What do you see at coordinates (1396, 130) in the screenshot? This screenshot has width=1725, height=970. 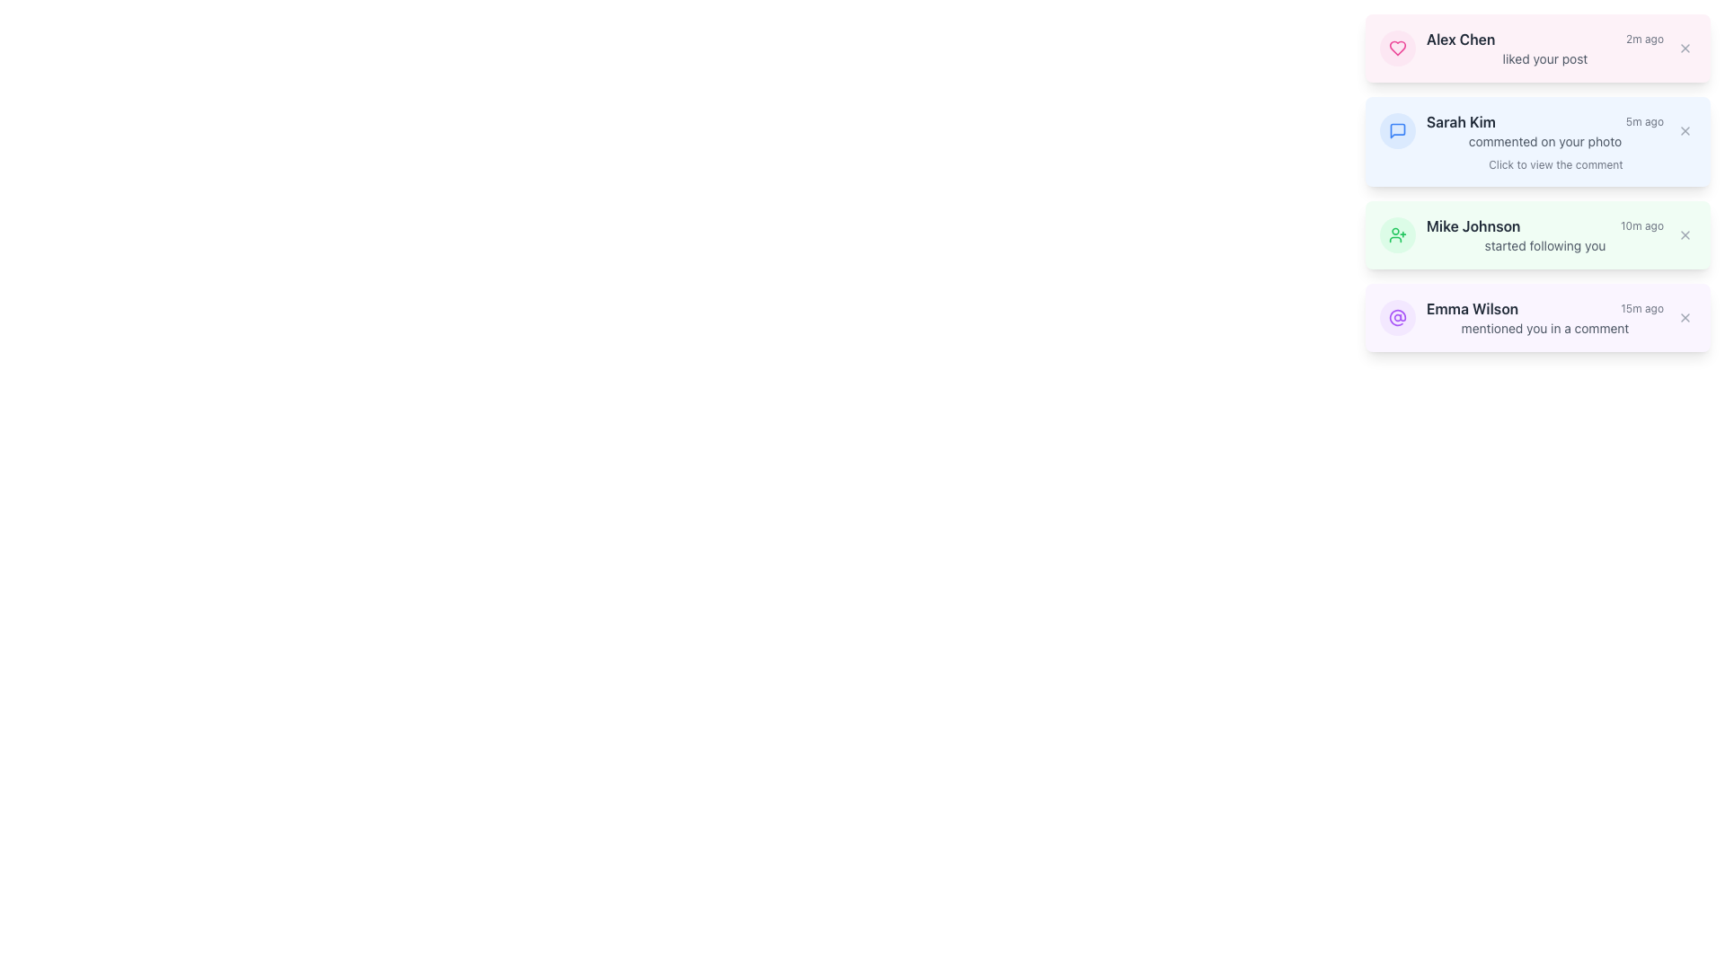 I see `the comment icon located to the left of the notification for 'Sarah Kim', the second notification from the top, to recognize the type of notification` at bounding box center [1396, 130].